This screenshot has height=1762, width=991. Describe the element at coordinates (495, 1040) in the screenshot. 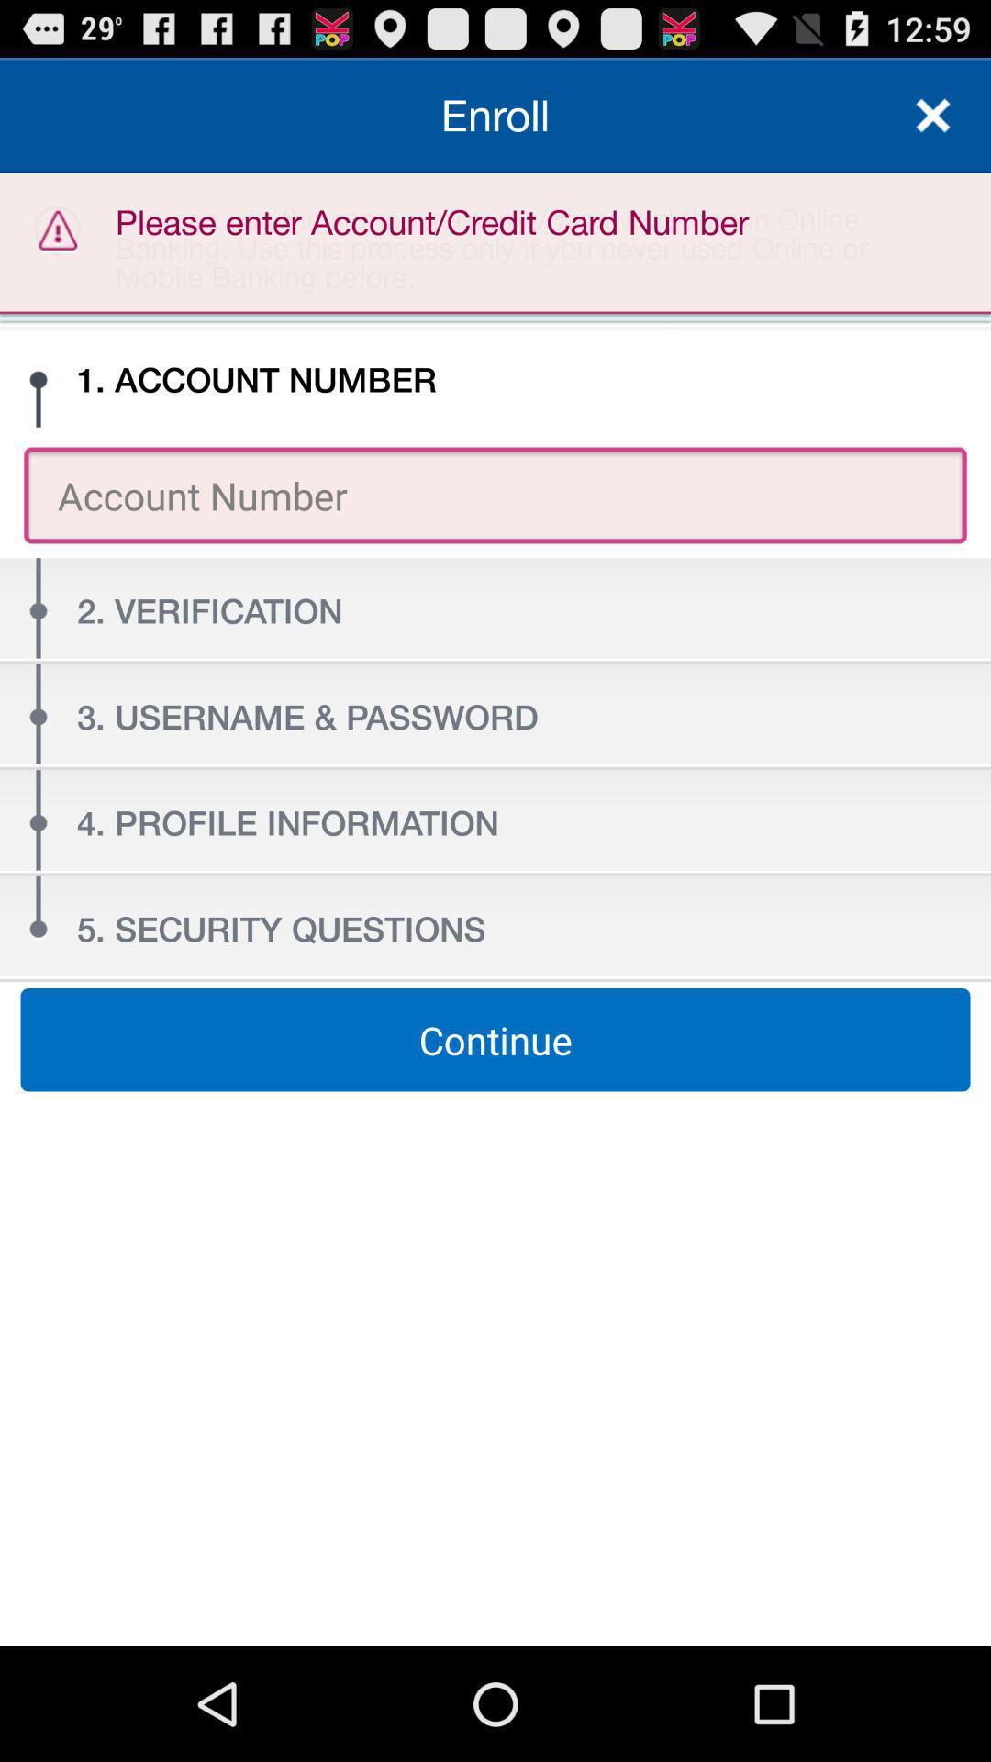

I see `the item below the 5. security questions icon` at that location.